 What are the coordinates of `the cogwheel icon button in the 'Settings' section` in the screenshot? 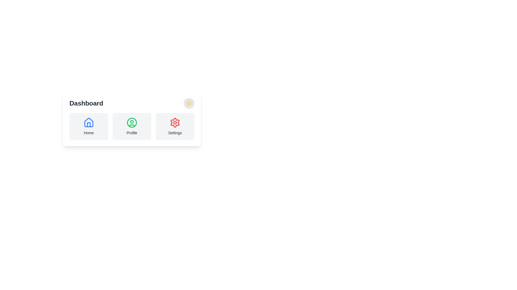 It's located at (175, 122).